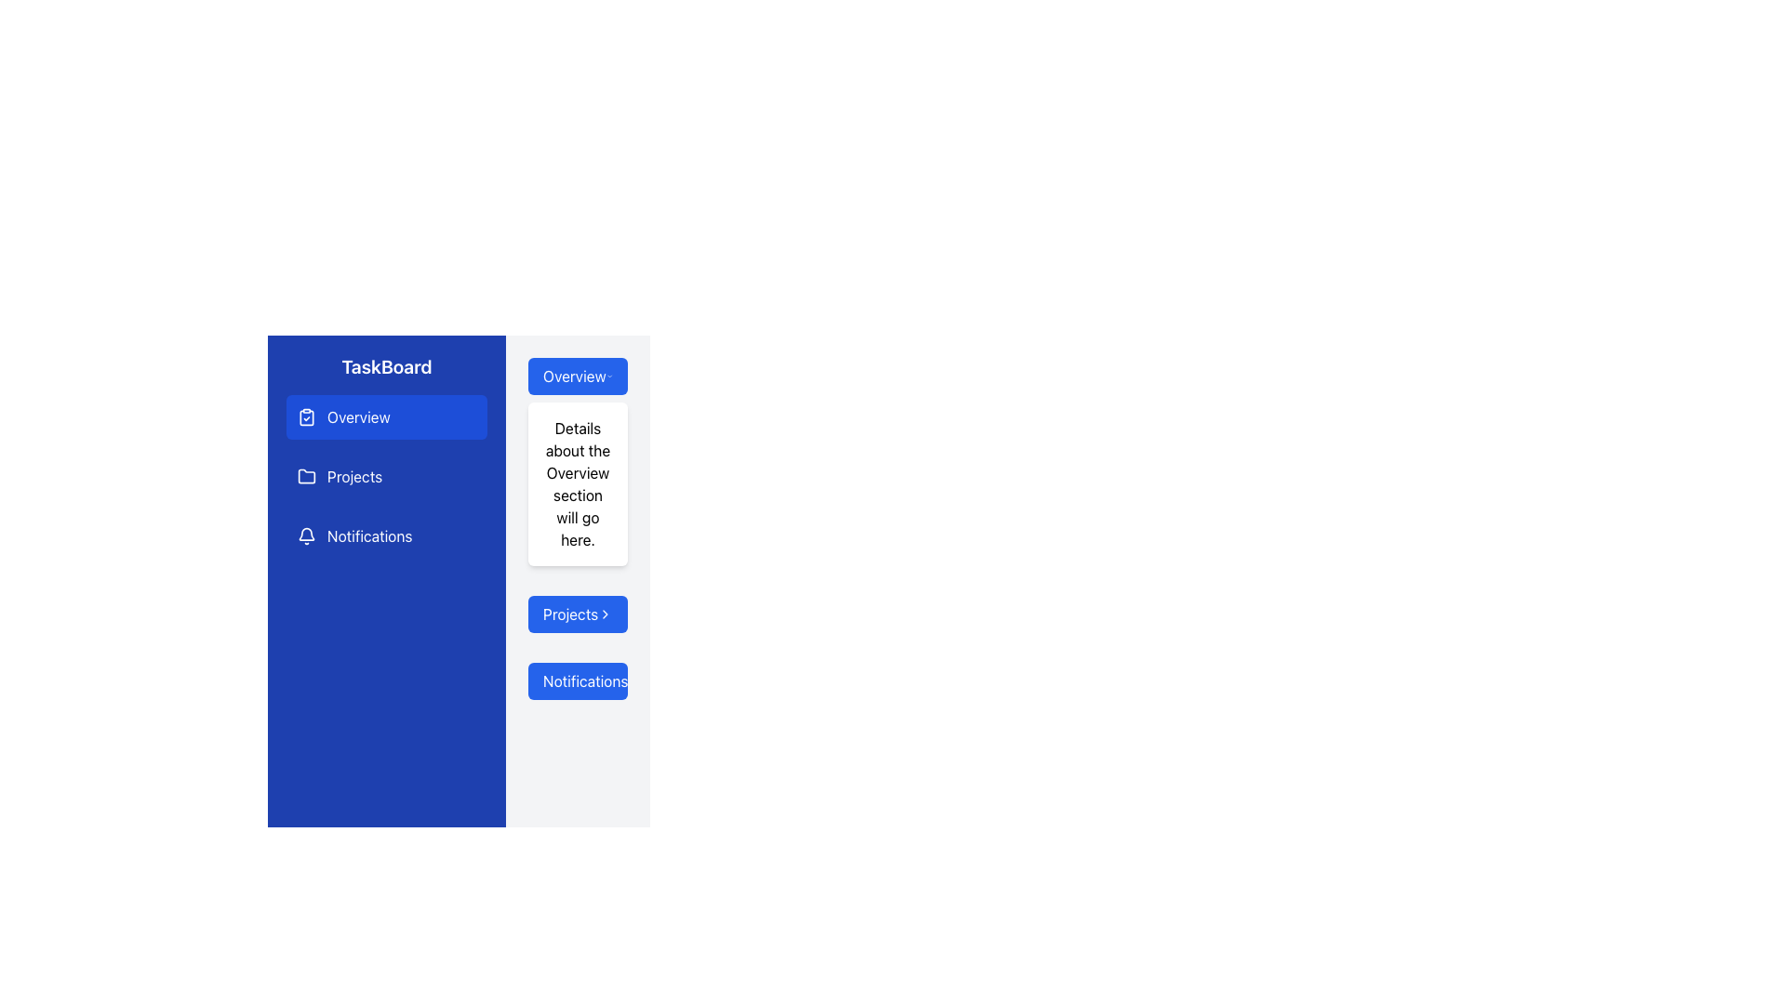  Describe the element at coordinates (577, 614) in the screenshot. I see `the 'Projects' button, which is a horizontally oriented button with a blue background and white text` at that location.